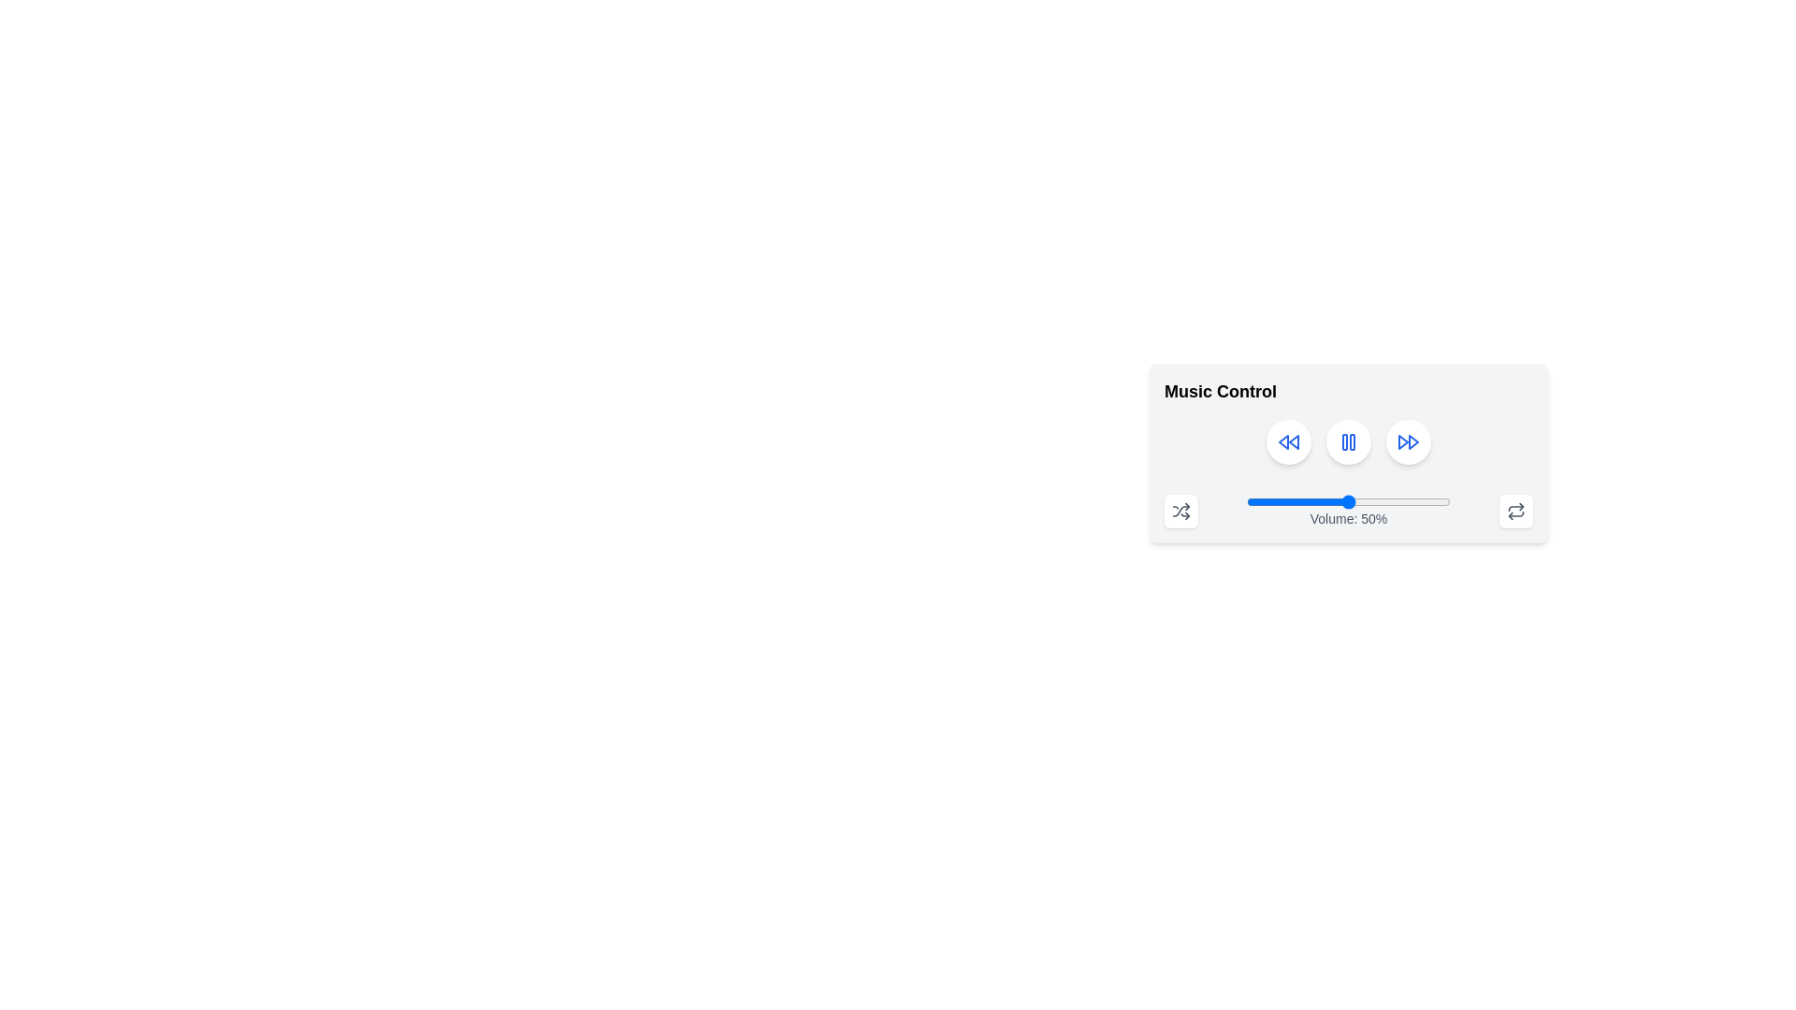 The image size is (1796, 1010). Describe the element at coordinates (1180, 512) in the screenshot. I see `the shuffle button located in the bottom-right corner of the Music Control interface` at that location.